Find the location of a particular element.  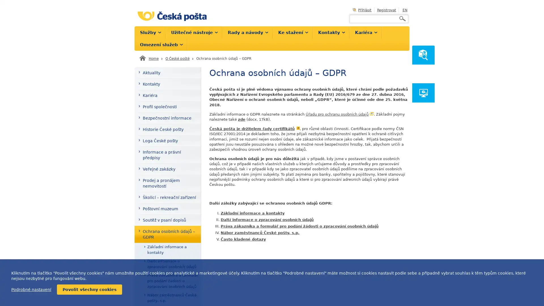

Povolit vsechny cookies is located at coordinates (89, 290).